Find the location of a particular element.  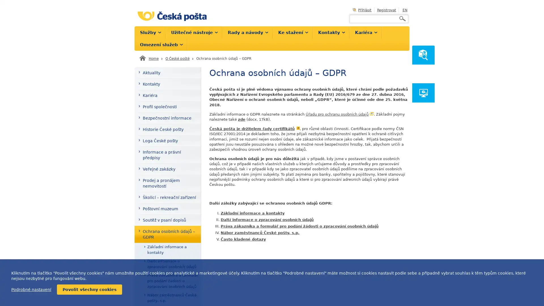

Povolit vsechny cookies is located at coordinates (89, 290).